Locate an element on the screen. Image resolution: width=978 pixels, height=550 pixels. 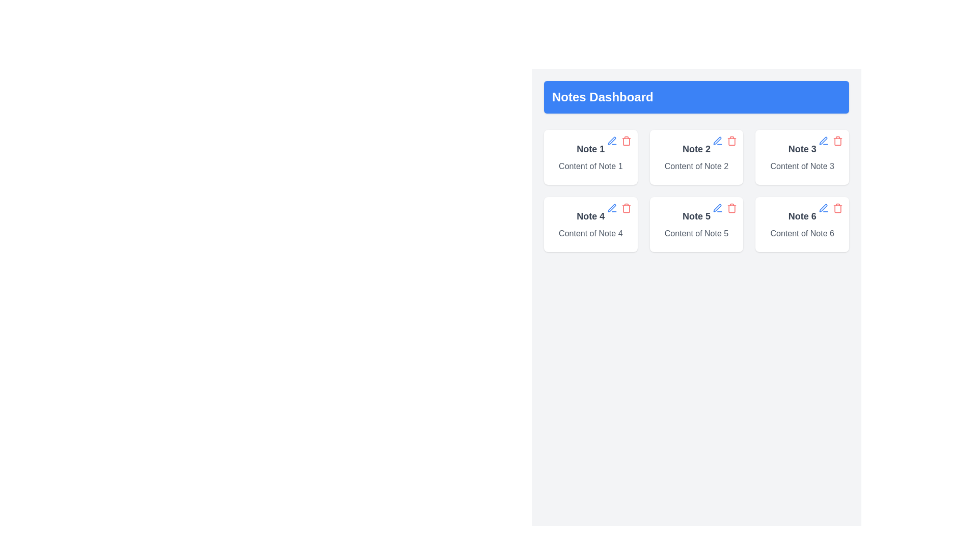
the text element displaying 'Content of Note 4', which is styled in muted gray and located beneath the bold title 'Note 4' within a card in the grid layout is located at coordinates (590, 234).